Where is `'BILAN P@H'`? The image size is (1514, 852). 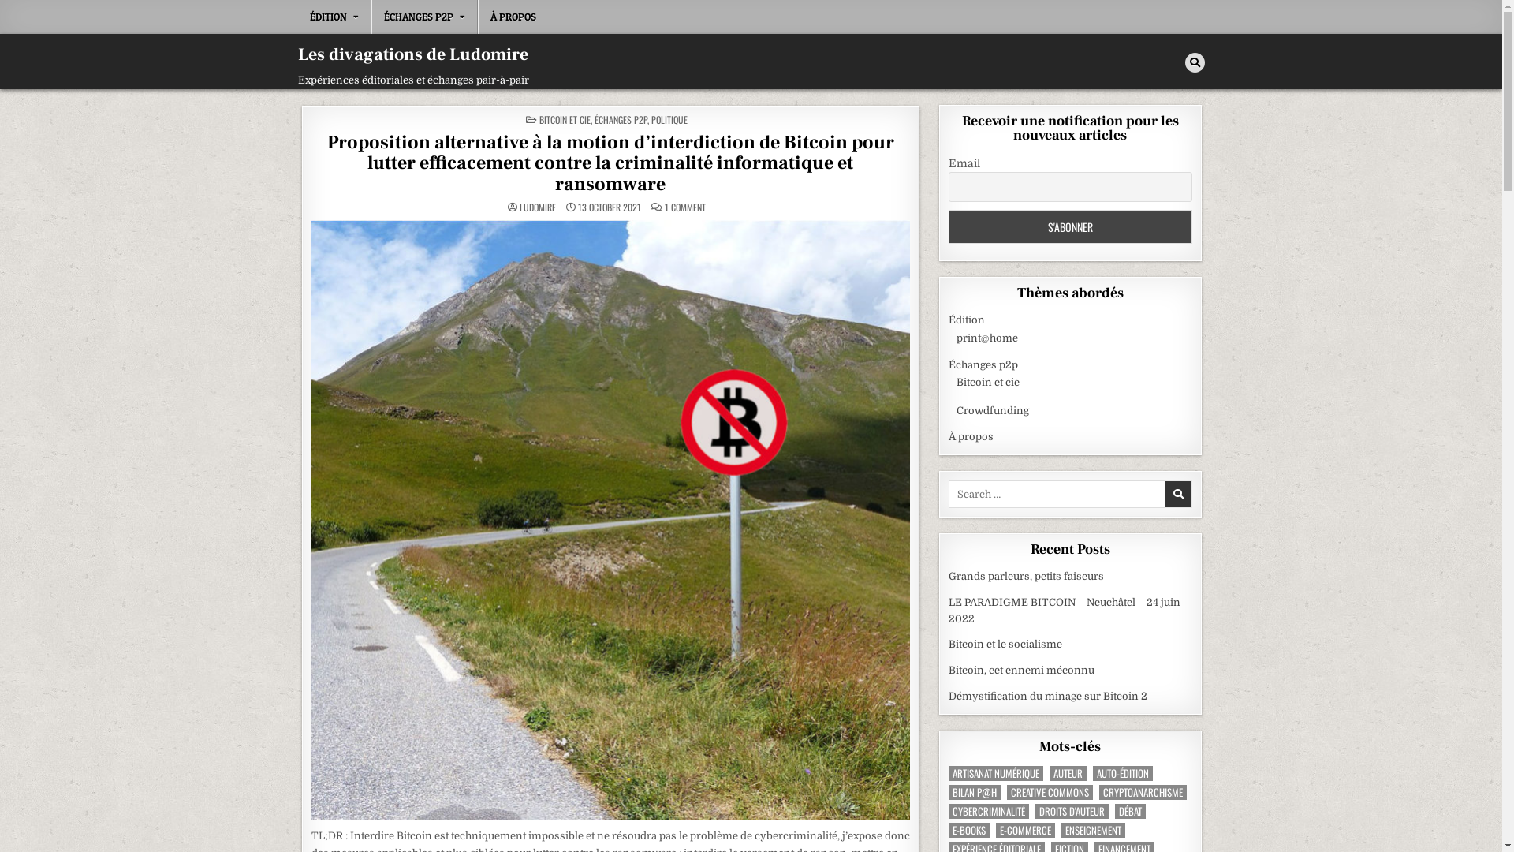
'BILAN P@H' is located at coordinates (948, 792).